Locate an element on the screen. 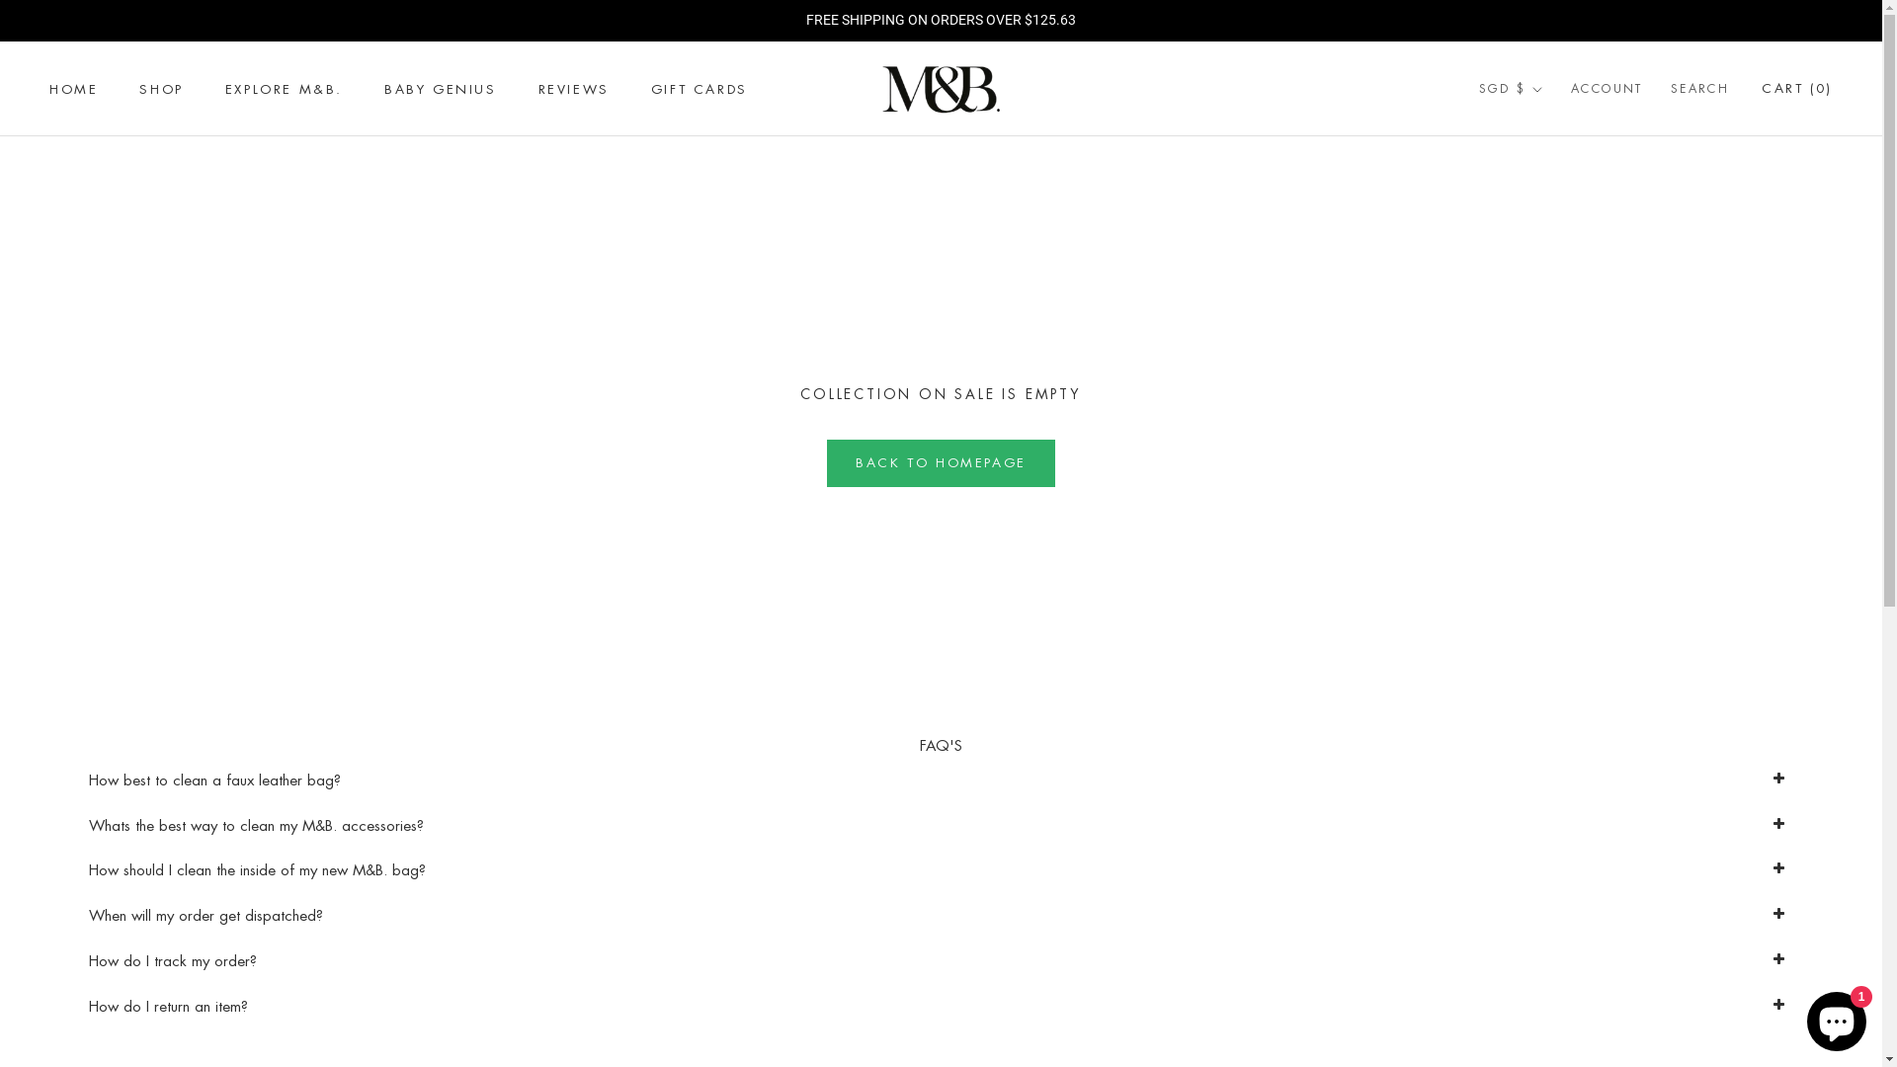 The image size is (1897, 1067). 'AUD' is located at coordinates (1533, 133).